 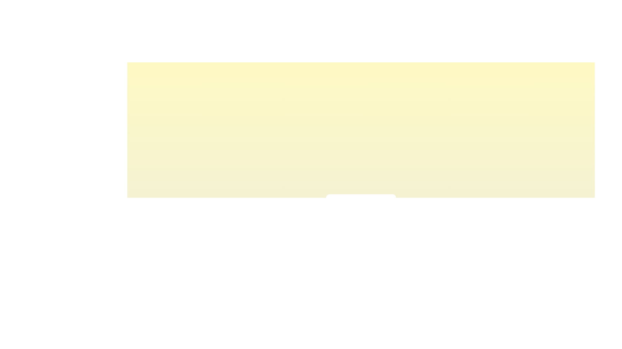 I want to click on the light intensity to 0% by dragging the slider, so click(x=334, y=218).